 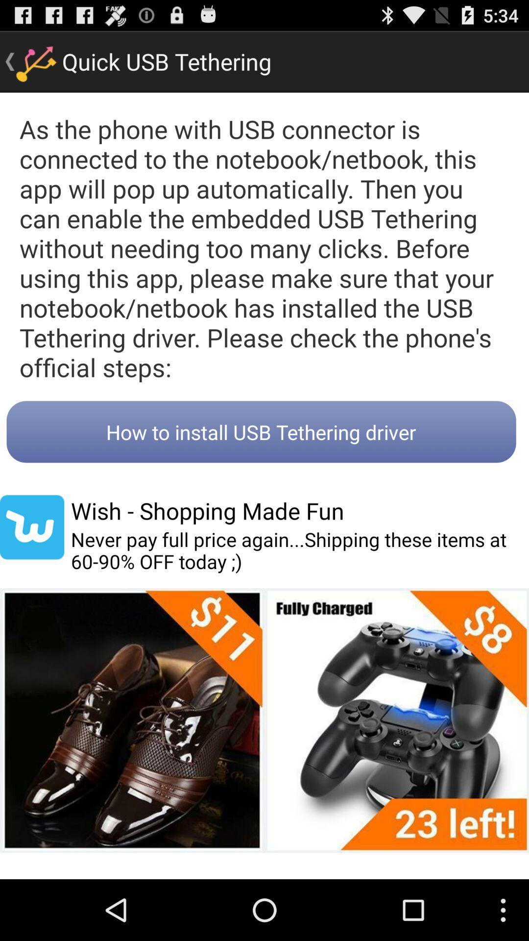 I want to click on the item below the never pay full item, so click(x=264, y=720).